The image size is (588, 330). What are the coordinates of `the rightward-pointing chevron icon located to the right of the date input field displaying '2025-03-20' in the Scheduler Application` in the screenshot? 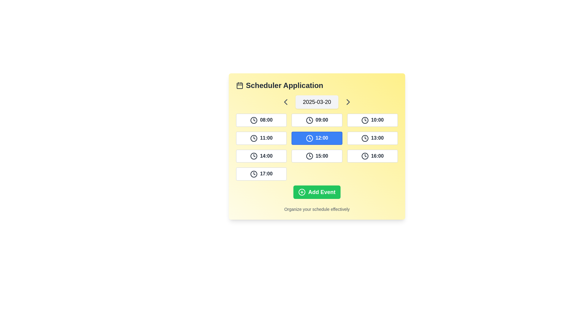 It's located at (348, 102).